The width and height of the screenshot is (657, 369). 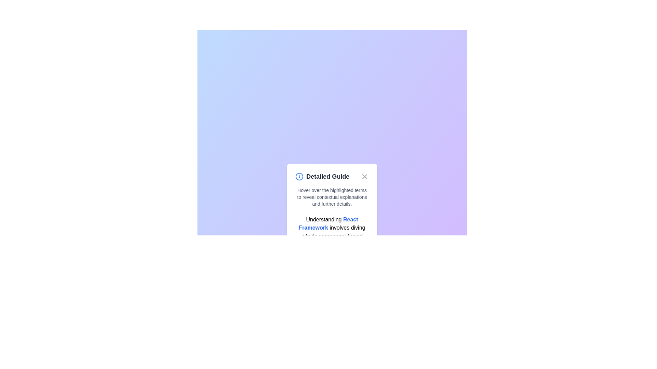 I want to click on the highlighted text 'React Framework' styled in bold blue font, which is part of the explanatory sentence in the modal titled 'Detailed Guide', so click(x=328, y=223).